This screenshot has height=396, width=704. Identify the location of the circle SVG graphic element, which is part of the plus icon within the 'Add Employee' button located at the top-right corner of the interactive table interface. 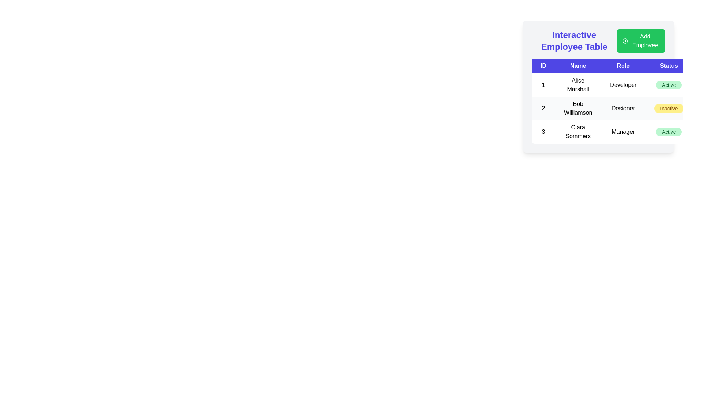
(625, 41).